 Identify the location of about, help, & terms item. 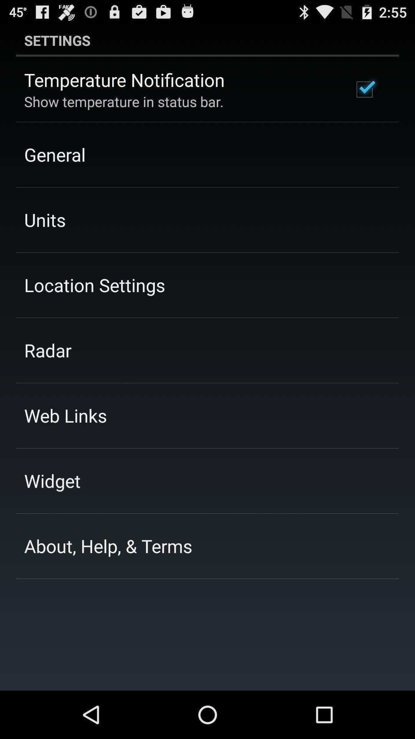
(108, 545).